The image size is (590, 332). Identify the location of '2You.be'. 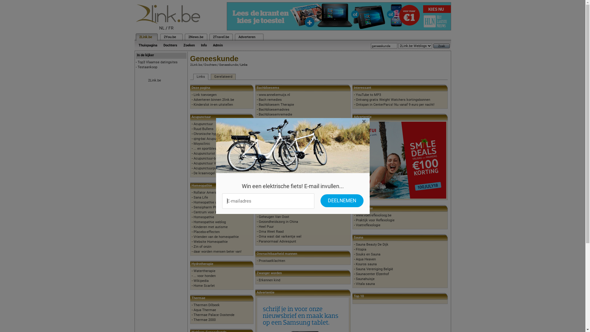
(170, 37).